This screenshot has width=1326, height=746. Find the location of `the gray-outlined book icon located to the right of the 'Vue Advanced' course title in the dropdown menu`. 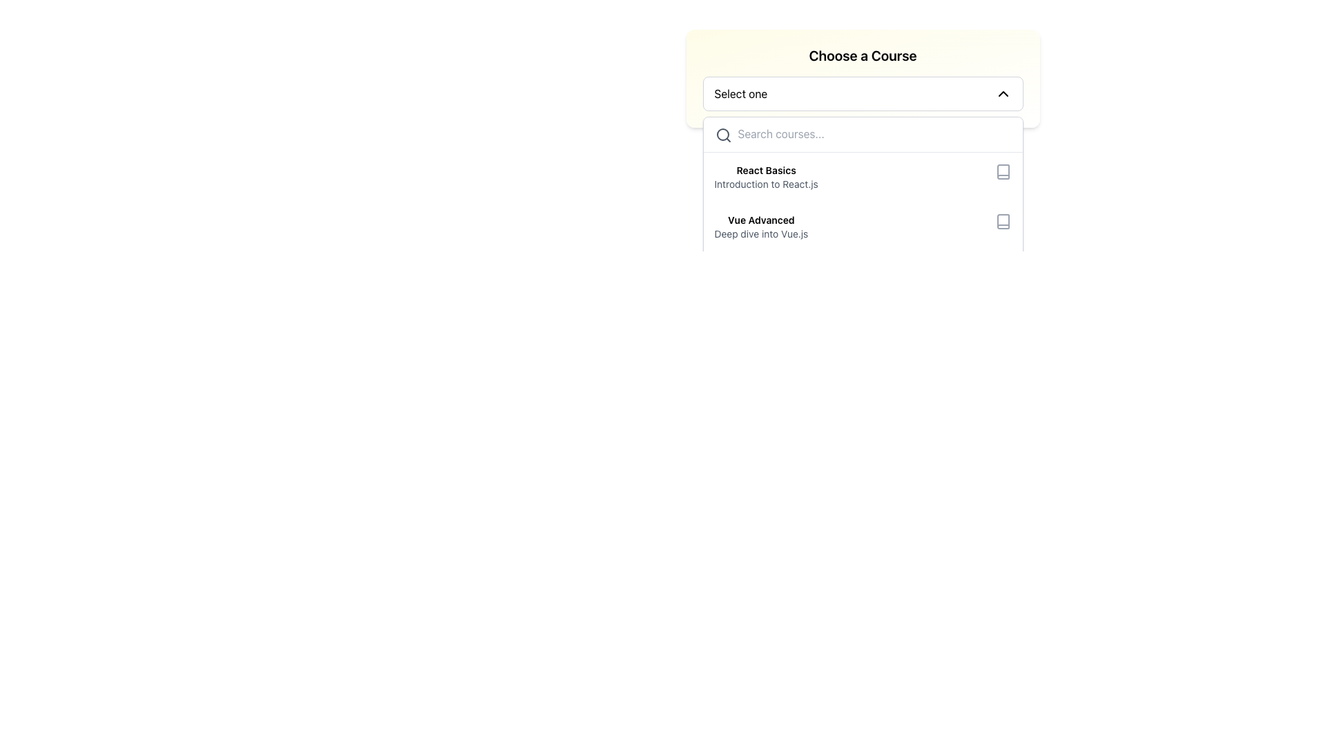

the gray-outlined book icon located to the right of the 'Vue Advanced' course title in the dropdown menu is located at coordinates (1003, 220).